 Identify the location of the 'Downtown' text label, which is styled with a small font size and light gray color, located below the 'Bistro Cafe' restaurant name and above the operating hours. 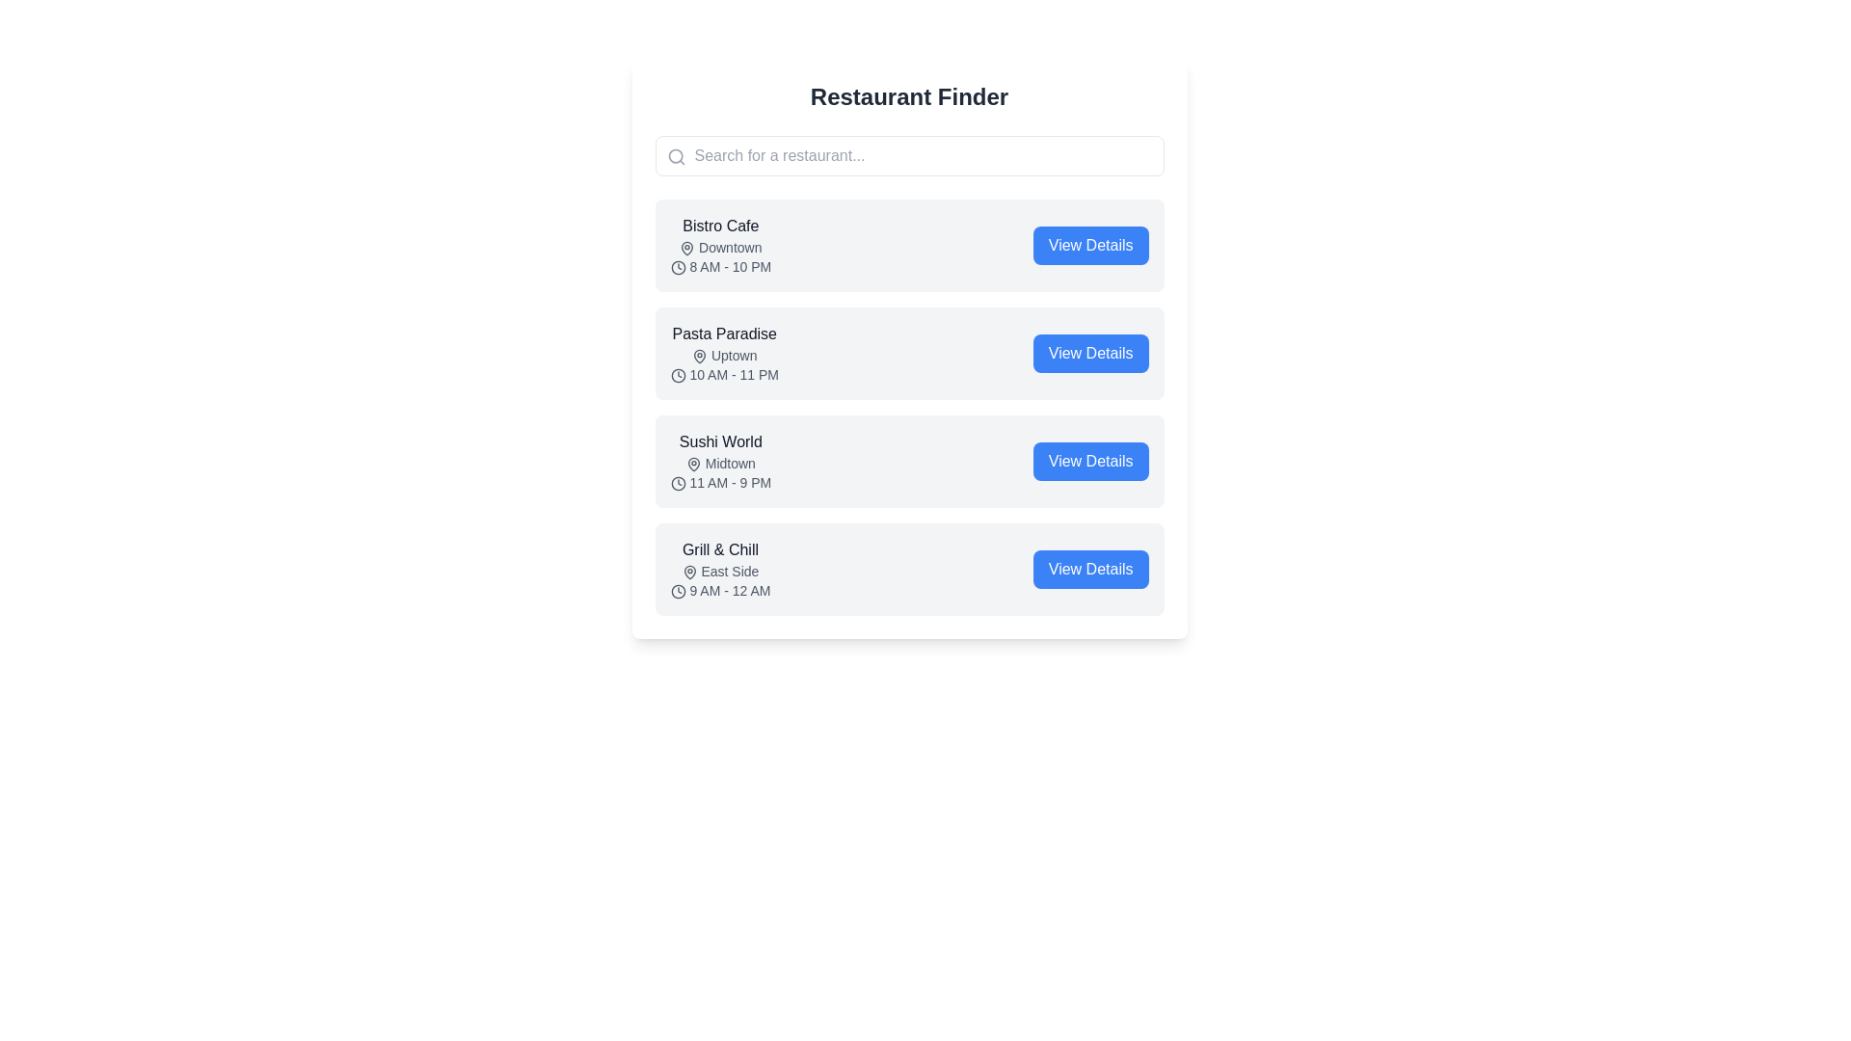
(719, 247).